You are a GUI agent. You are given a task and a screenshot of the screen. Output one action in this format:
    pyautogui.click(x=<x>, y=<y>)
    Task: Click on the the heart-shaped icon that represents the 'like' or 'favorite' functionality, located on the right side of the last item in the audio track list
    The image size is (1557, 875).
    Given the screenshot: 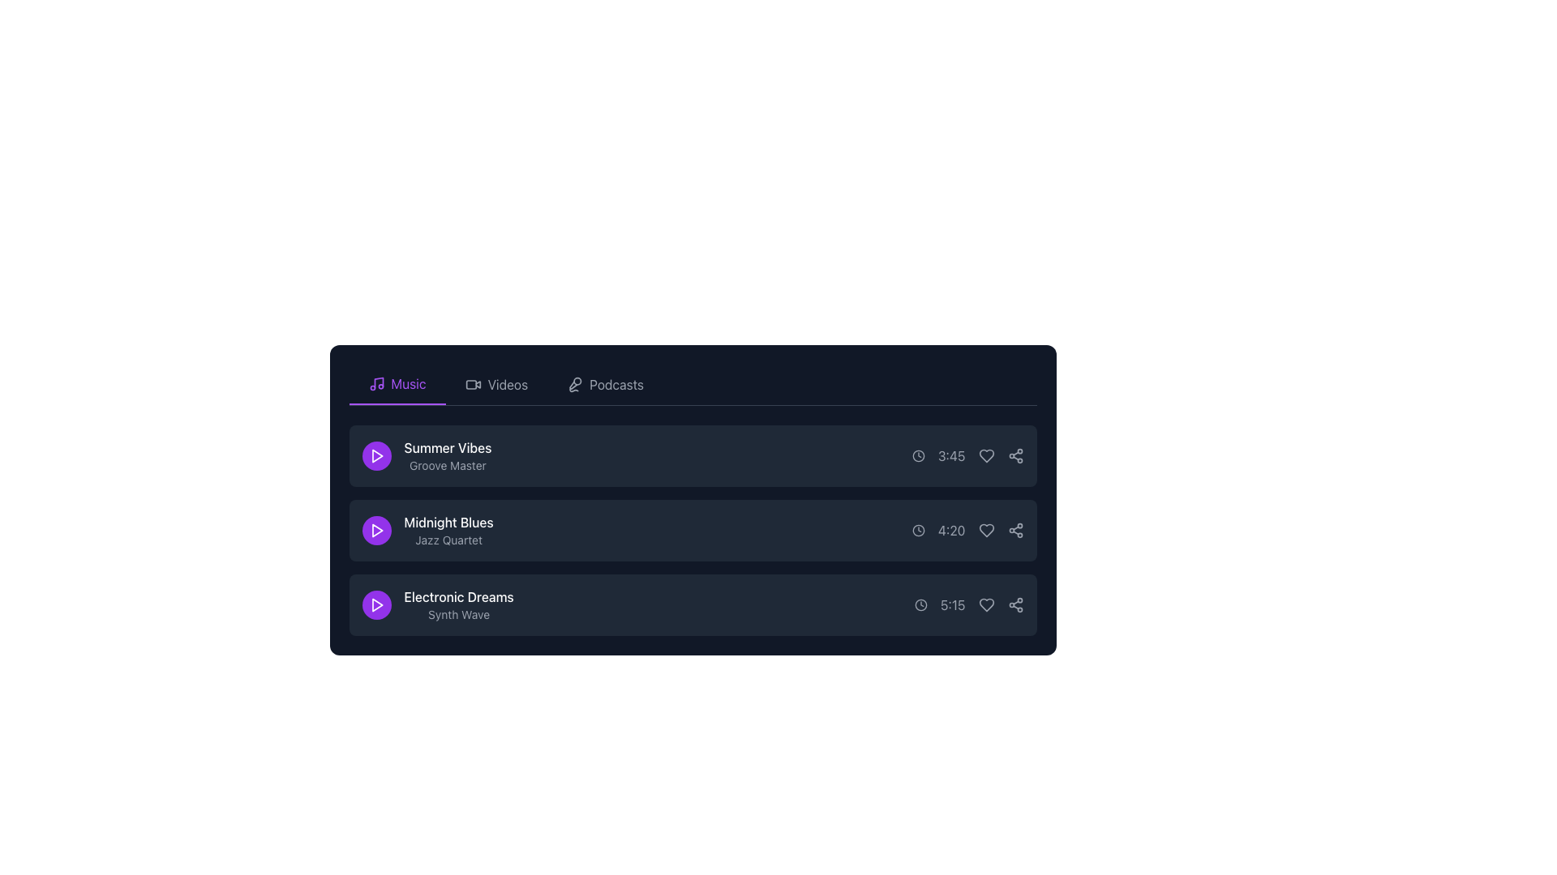 What is the action you would take?
    pyautogui.click(x=985, y=605)
    